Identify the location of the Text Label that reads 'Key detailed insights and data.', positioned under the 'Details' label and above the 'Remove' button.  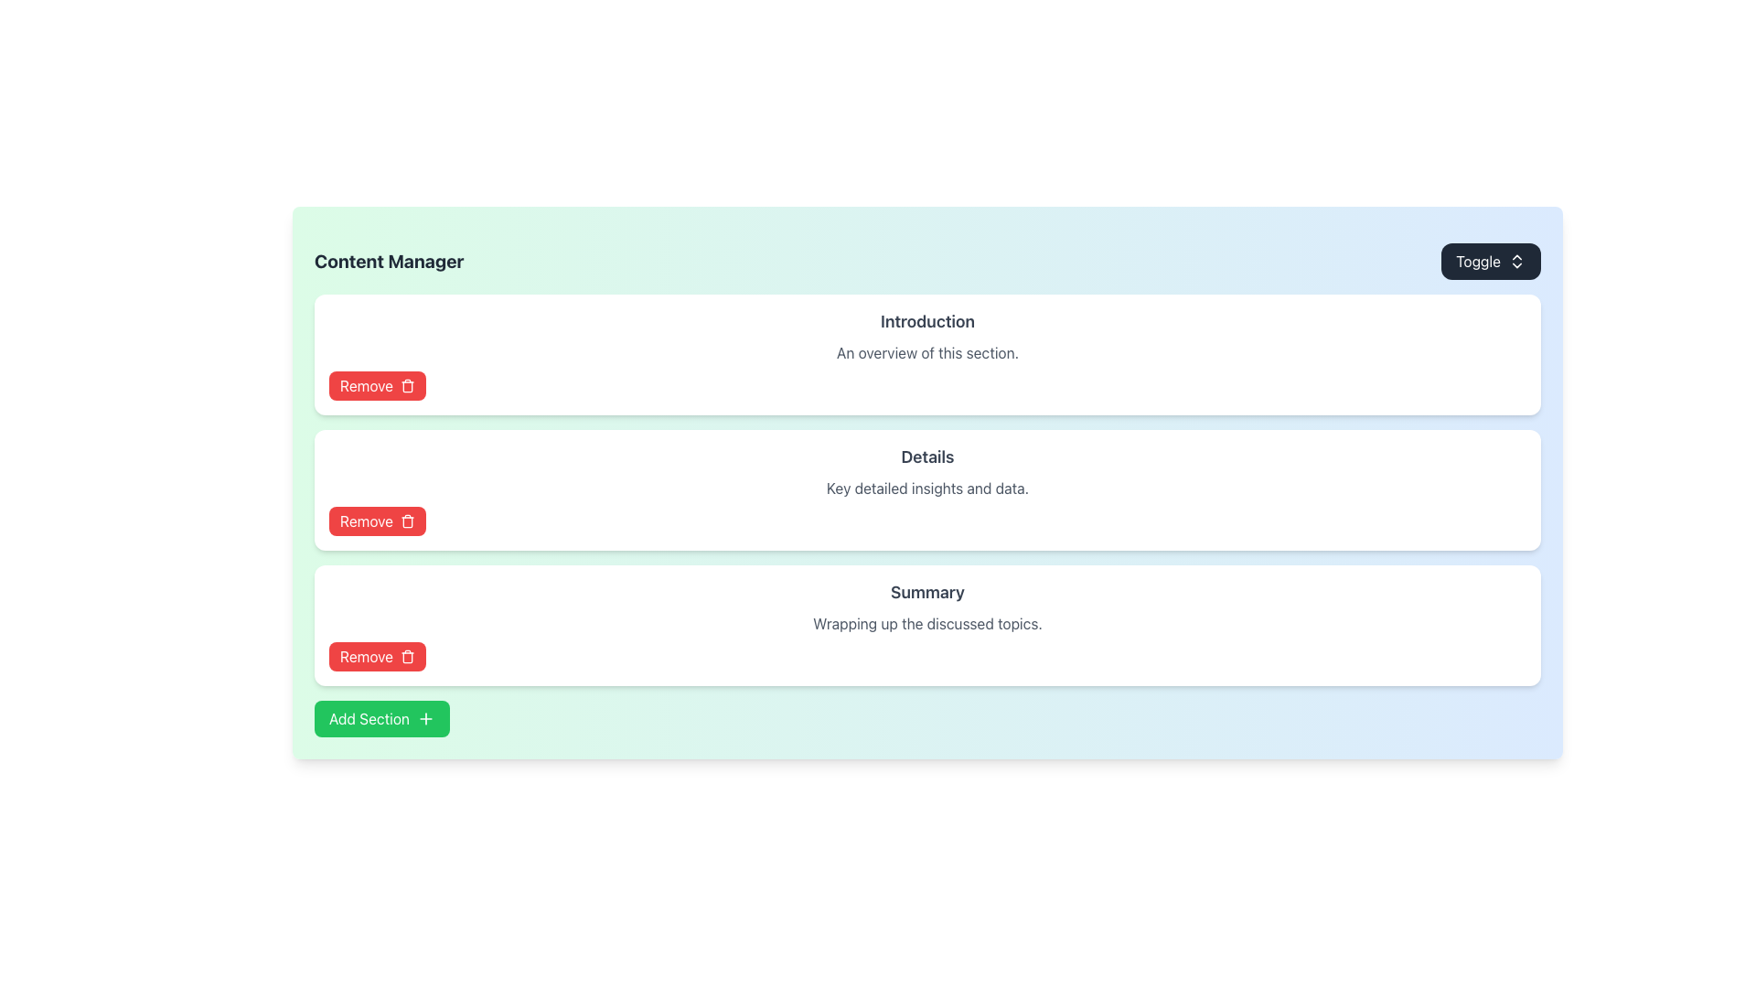
(927, 487).